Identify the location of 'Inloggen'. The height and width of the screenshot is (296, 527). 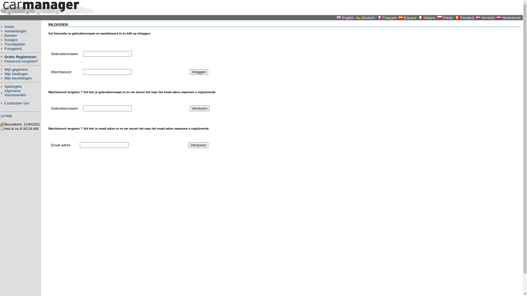
(190, 72).